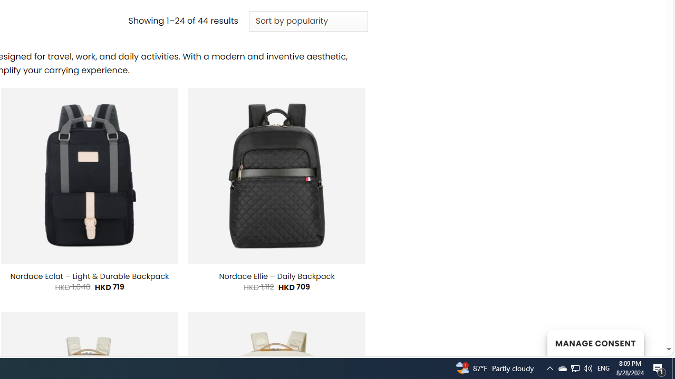 This screenshot has height=379, width=675. What do you see at coordinates (307, 22) in the screenshot?
I see `'Shop order'` at bounding box center [307, 22].